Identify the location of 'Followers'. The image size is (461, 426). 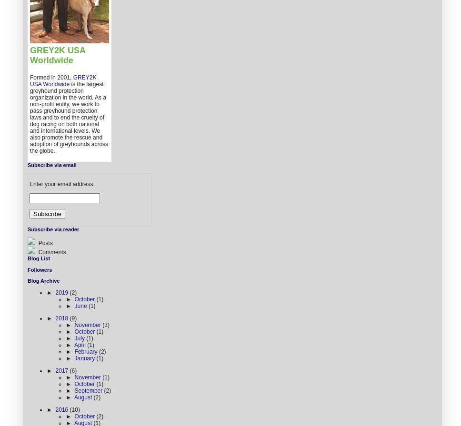
(27, 269).